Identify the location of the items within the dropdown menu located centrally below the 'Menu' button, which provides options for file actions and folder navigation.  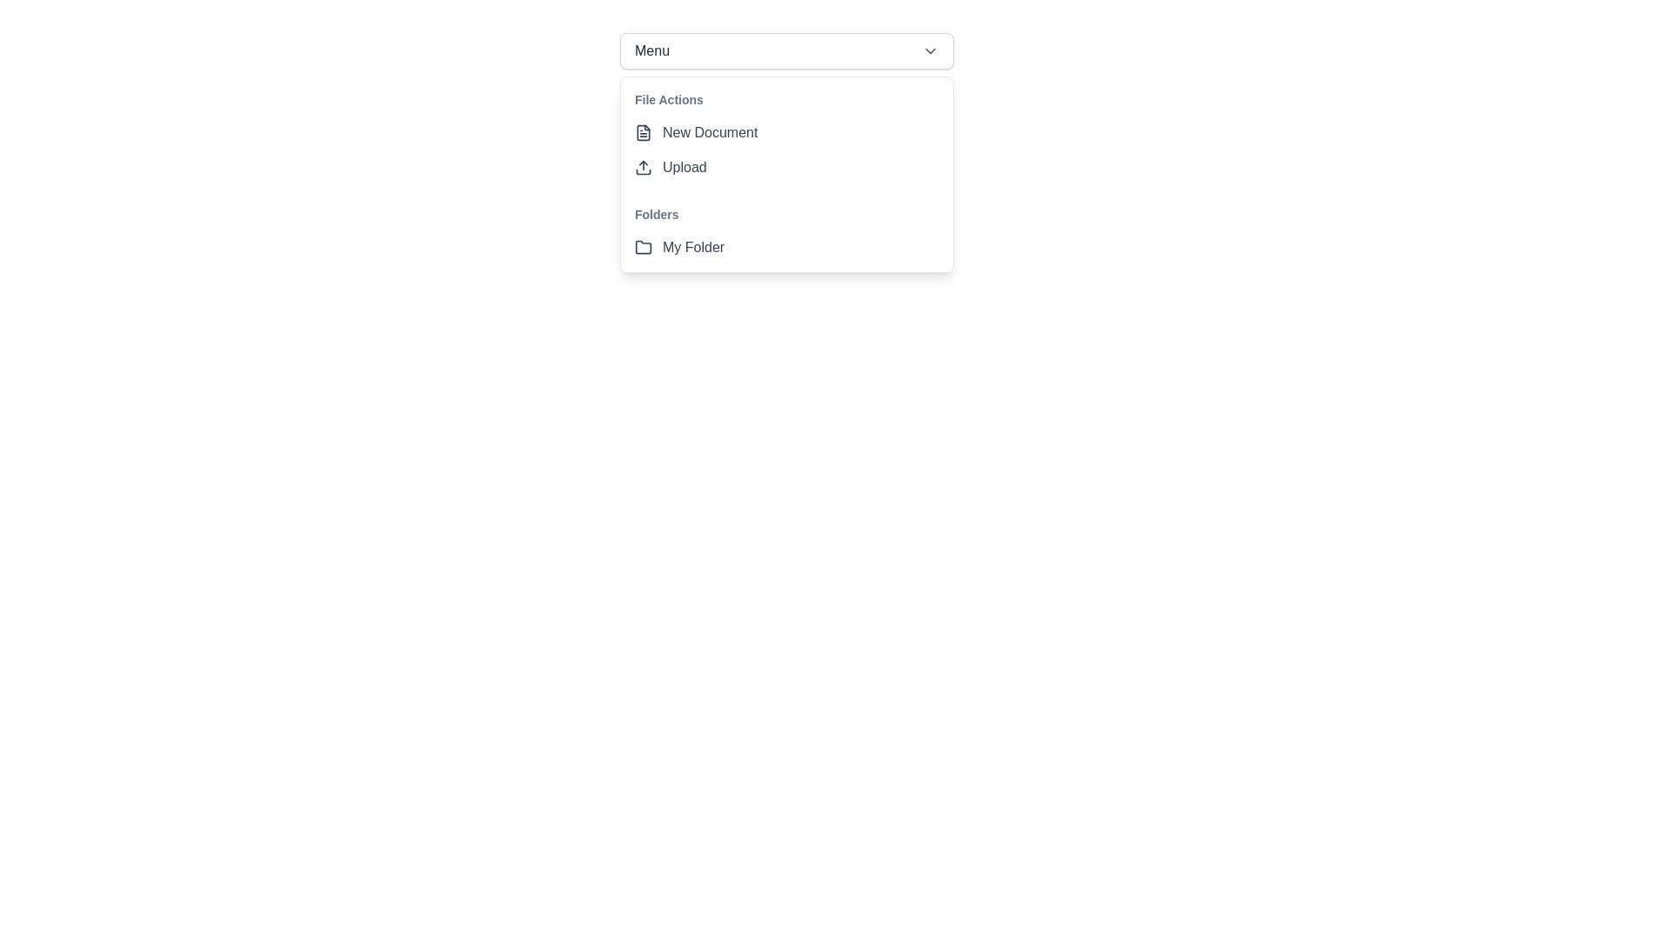
(786, 174).